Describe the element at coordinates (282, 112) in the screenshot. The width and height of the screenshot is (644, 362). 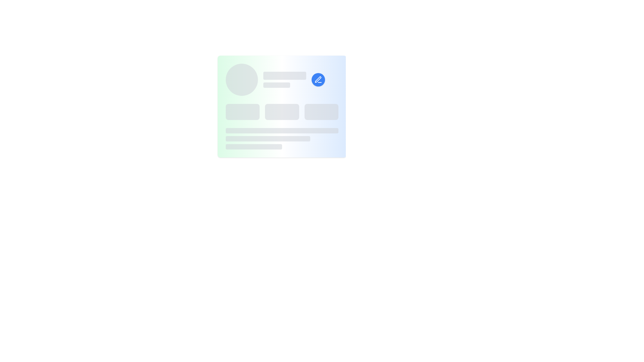
I see `the gray rectangular Placeholder component with rounded corners that is pulsing, located in the center among three similar components` at that location.